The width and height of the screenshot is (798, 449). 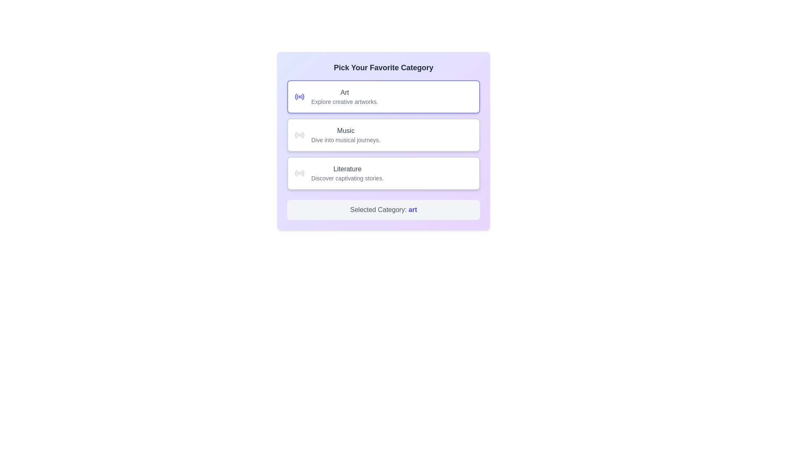 I want to click on the circular radio button icon with a central filled dot and concentric lines, located to the left of the 'Literature' text, so click(x=299, y=173).